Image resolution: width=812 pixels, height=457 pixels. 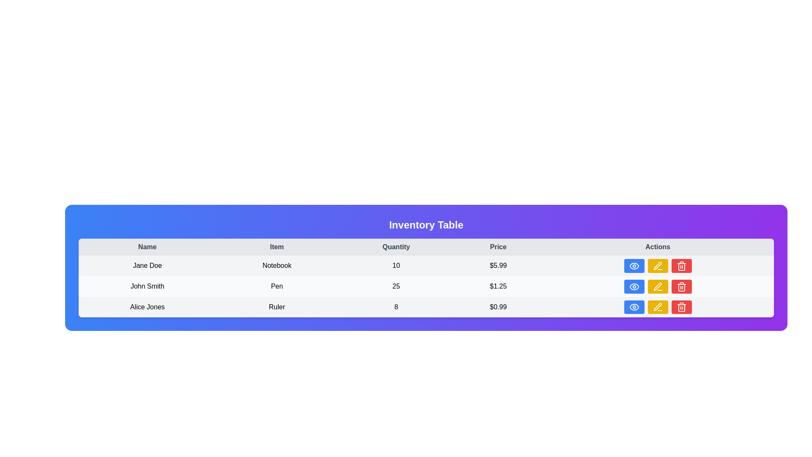 What do you see at coordinates (147, 307) in the screenshot?
I see `the static text element displaying 'Alice Jones' in a bold, dark font, located in the leftmost cell of the bottom row of a table layout under the 'Name' column` at bounding box center [147, 307].